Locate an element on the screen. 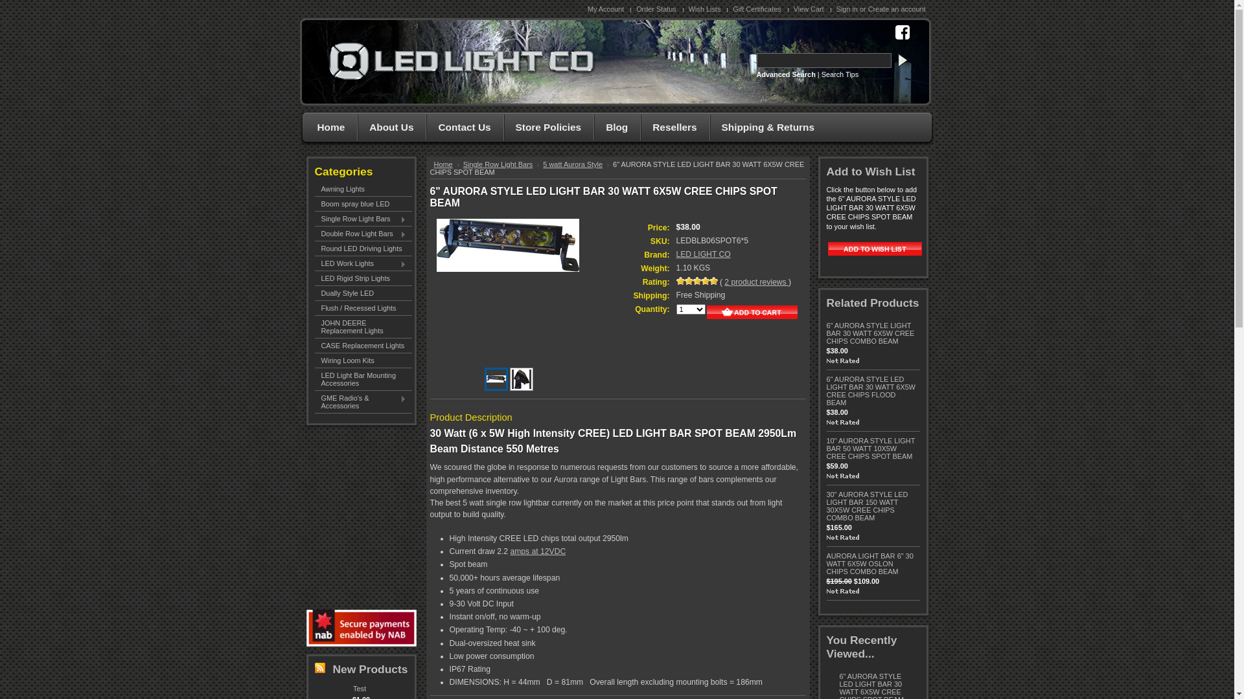 This screenshot has height=699, width=1244. 'About Us' is located at coordinates (387, 128).